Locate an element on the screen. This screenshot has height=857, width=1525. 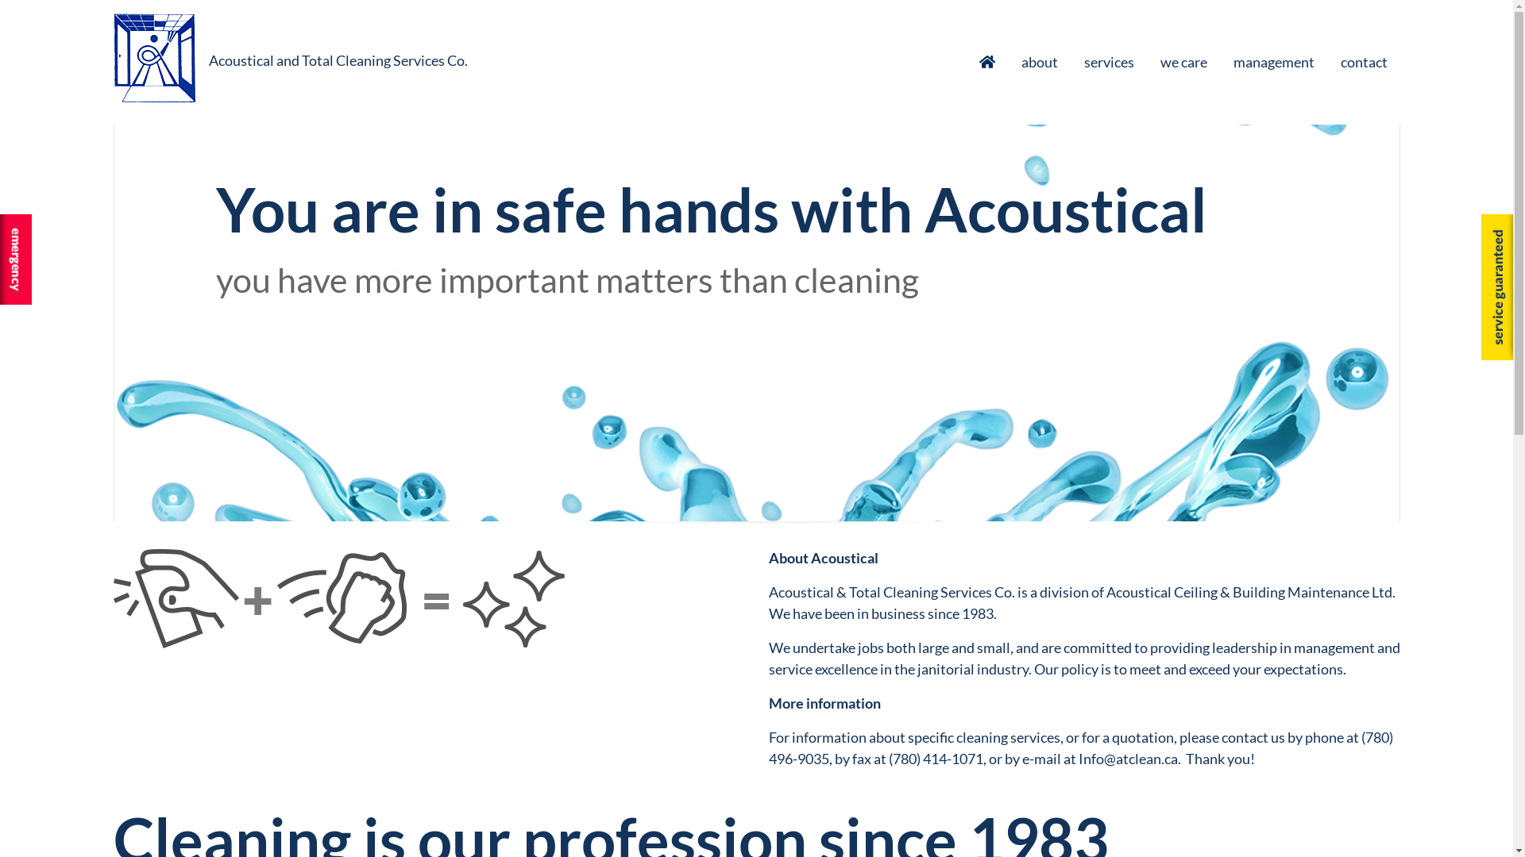
'contact' is located at coordinates (1369, 61).